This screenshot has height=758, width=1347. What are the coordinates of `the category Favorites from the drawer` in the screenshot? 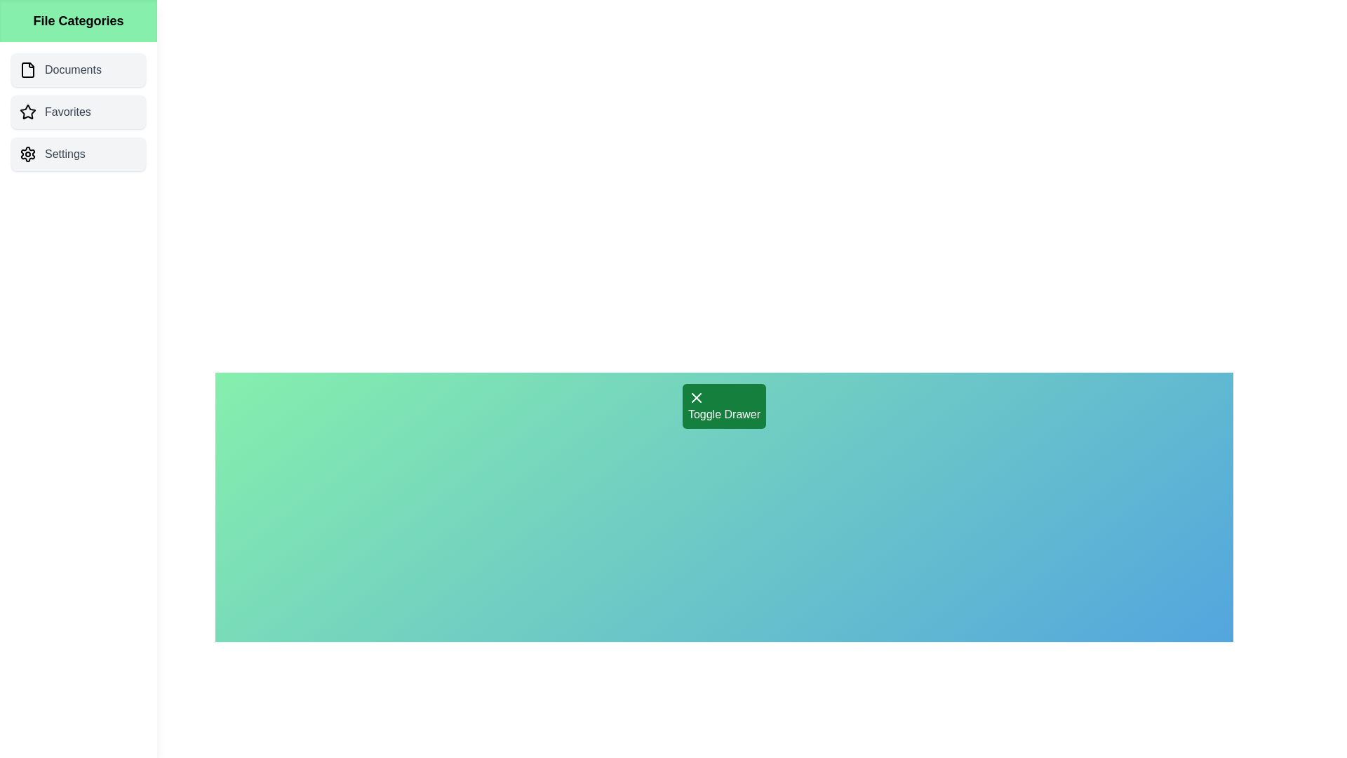 It's located at (77, 111).